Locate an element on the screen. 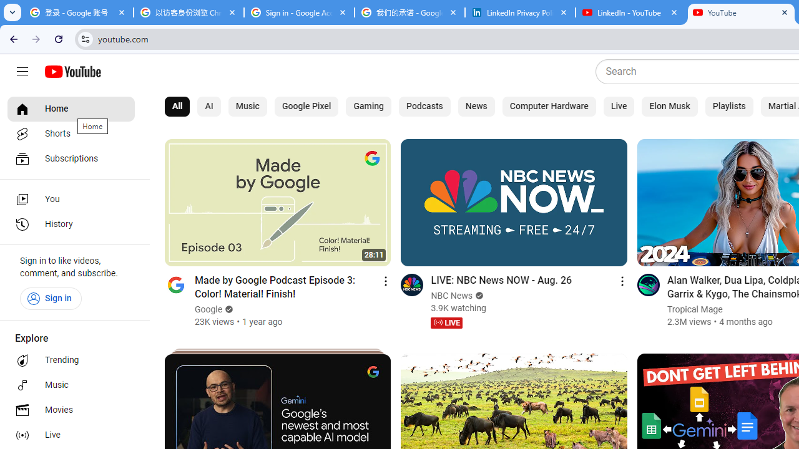 The height and width of the screenshot is (449, 799). 'AI' is located at coordinates (209, 106).